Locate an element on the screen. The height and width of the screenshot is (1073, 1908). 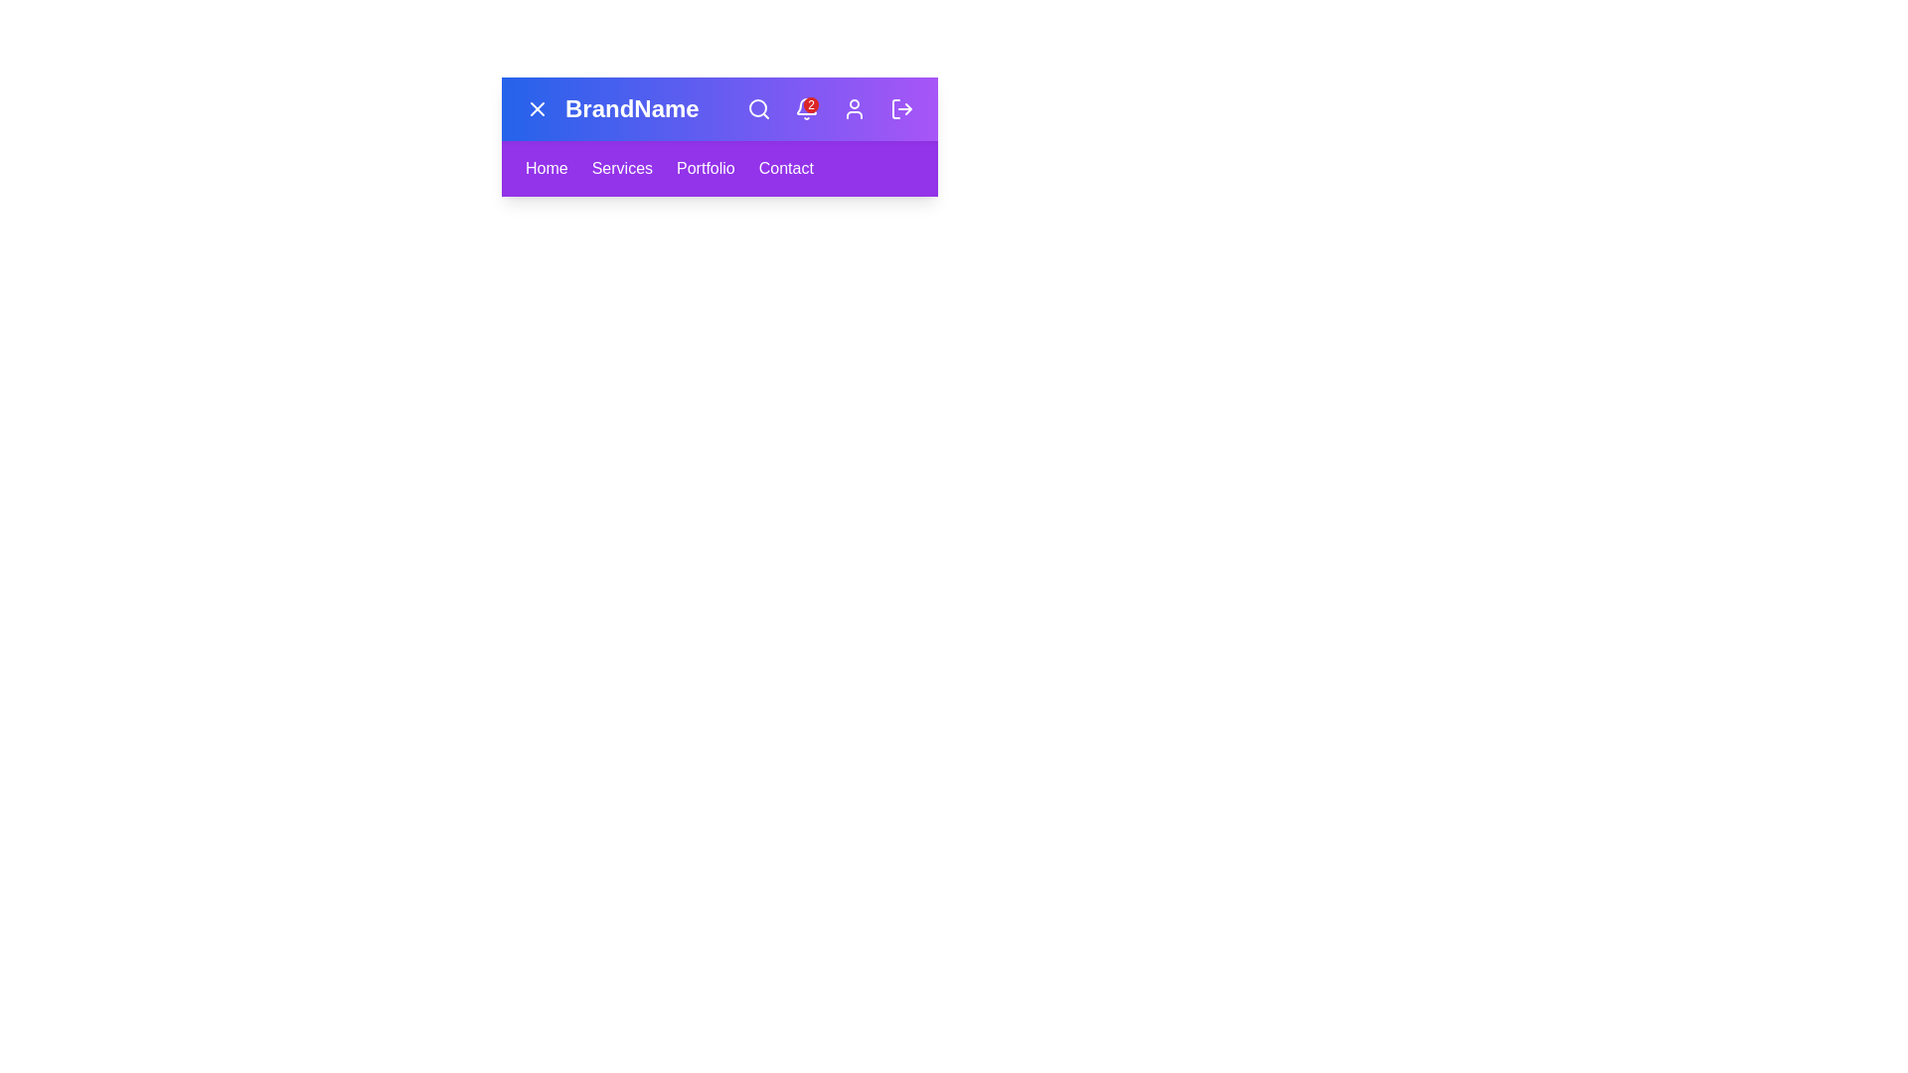
the search icon located in the top-right section of the navigation bar, positioned between the brand logo and the notification bell icon, to initiate a search action is located at coordinates (757, 109).